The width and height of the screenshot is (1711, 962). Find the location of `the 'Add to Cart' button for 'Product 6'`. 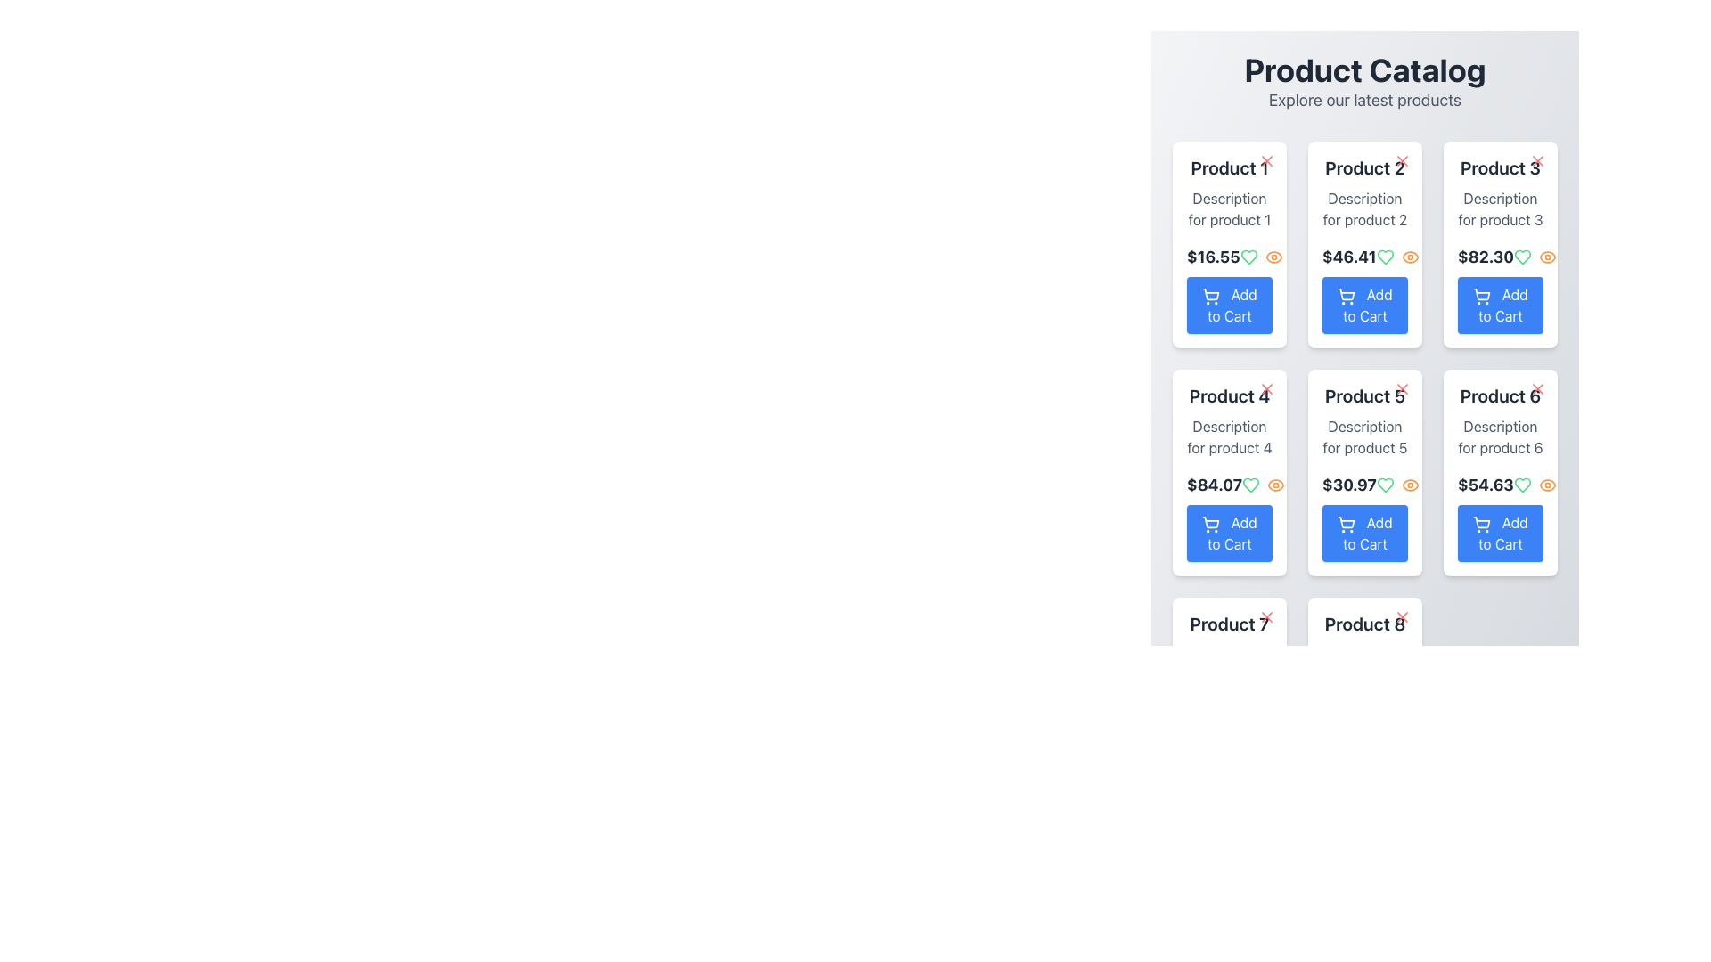

the 'Add to Cart' button for 'Product 6' is located at coordinates (1500, 532).